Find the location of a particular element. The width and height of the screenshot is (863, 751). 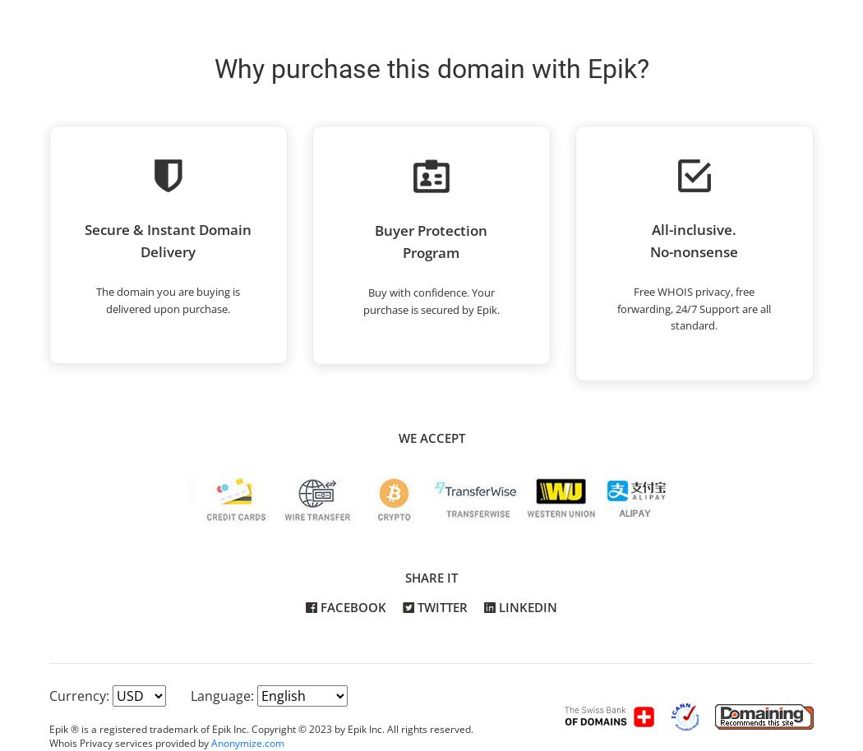

'All-inclusive.' is located at coordinates (650, 229).